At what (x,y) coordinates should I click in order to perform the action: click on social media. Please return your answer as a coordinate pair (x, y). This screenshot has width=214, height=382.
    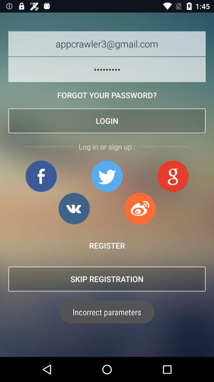
    Looking at the image, I should click on (74, 208).